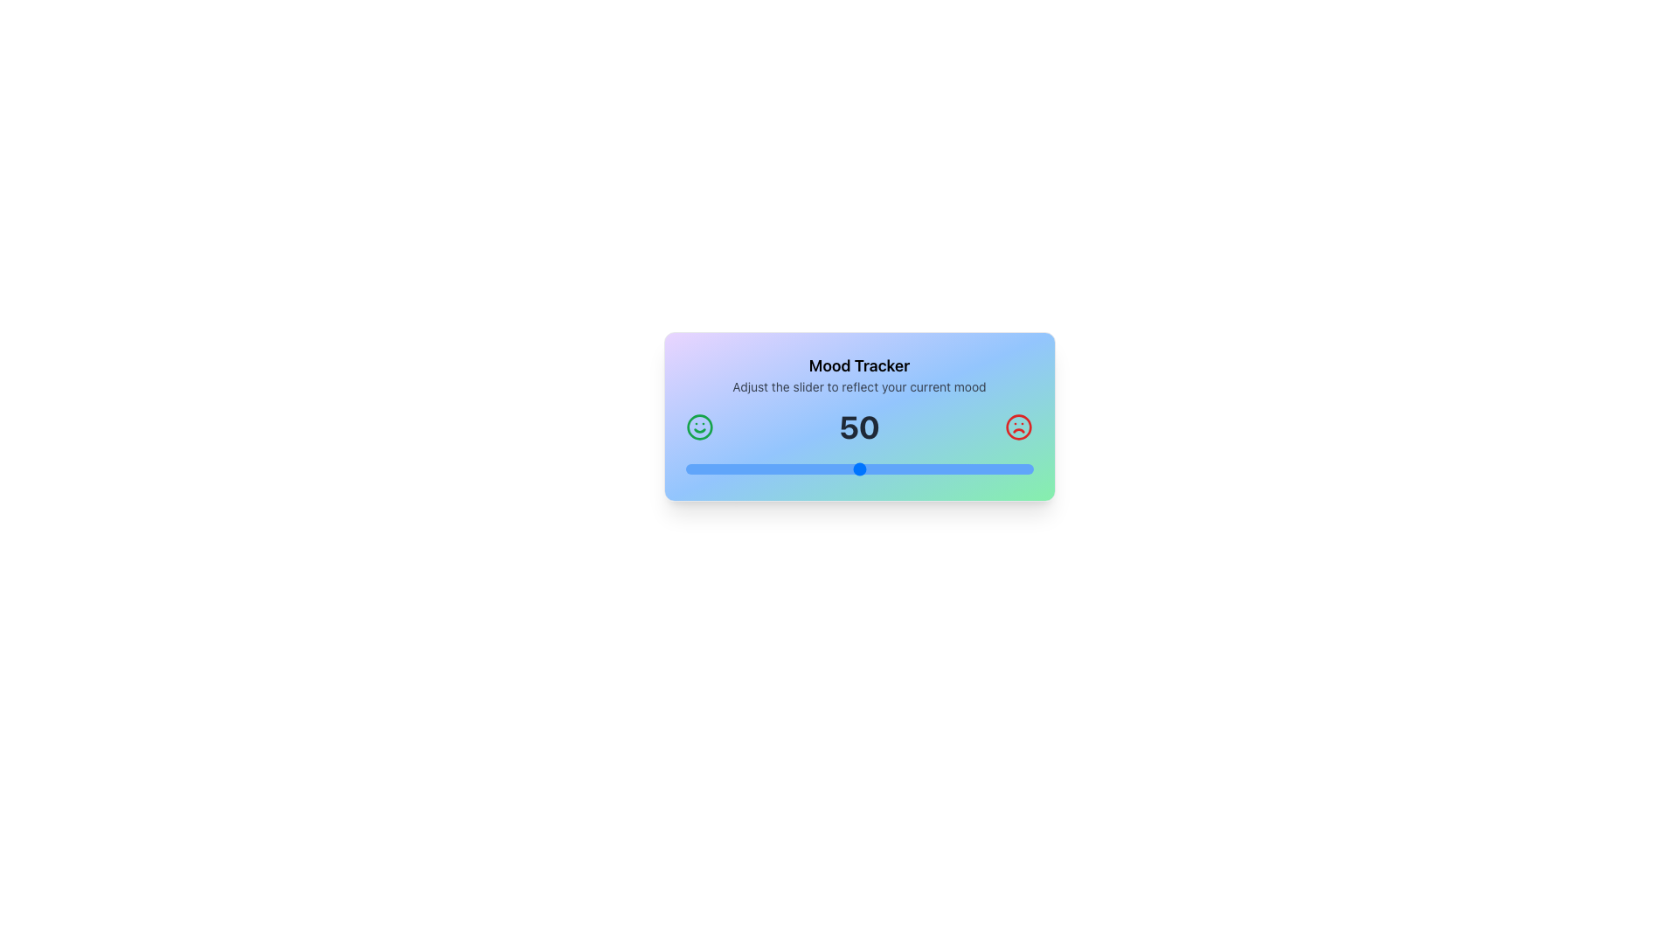 The width and height of the screenshot is (1678, 944). Describe the element at coordinates (699, 427) in the screenshot. I see `the circular SVG graphic component that visually indicates a positive mood, located to the left of the central number in the mood tracker layout` at that location.